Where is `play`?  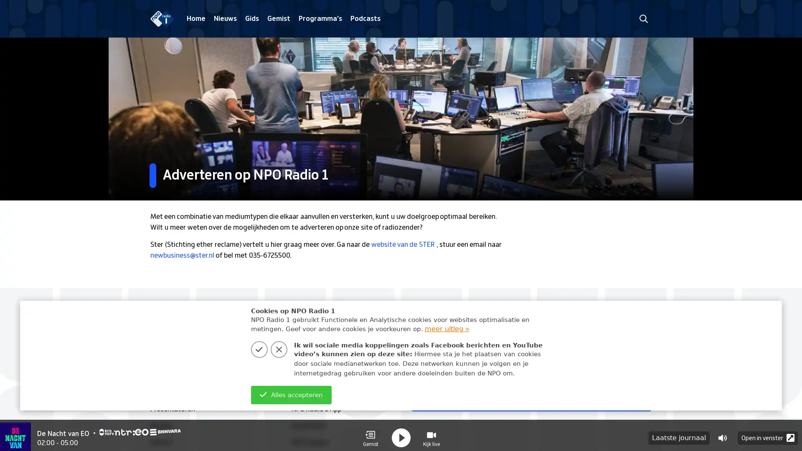 play is located at coordinates (401, 433).